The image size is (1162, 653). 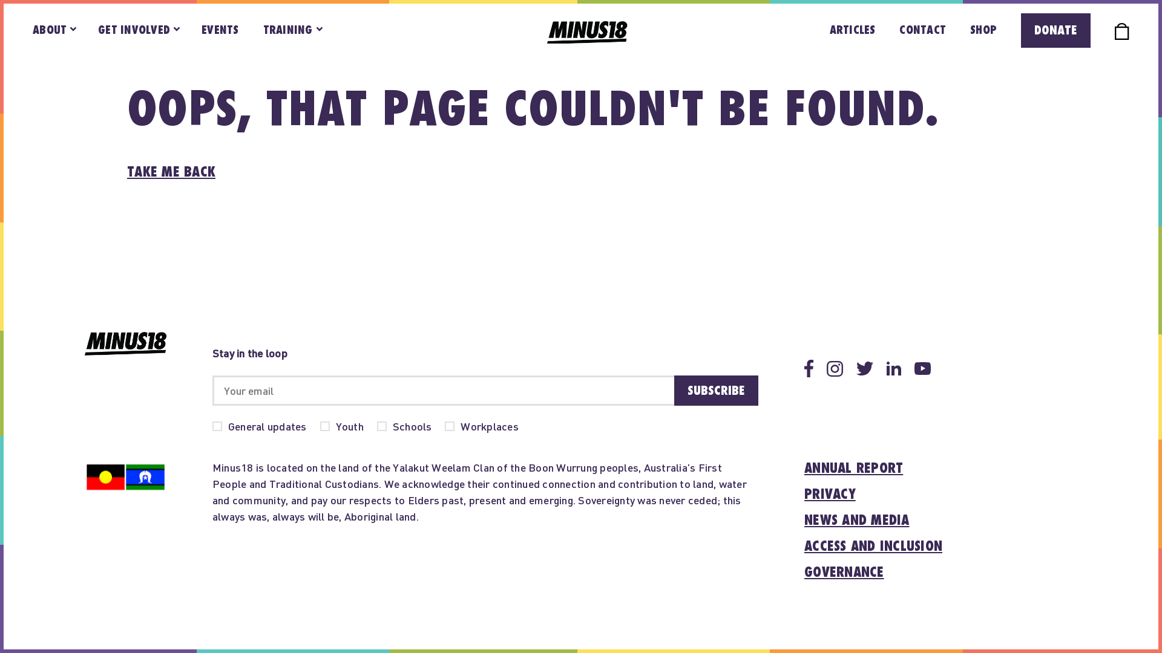 I want to click on 'NEWS AND MEDIA', so click(x=856, y=520).